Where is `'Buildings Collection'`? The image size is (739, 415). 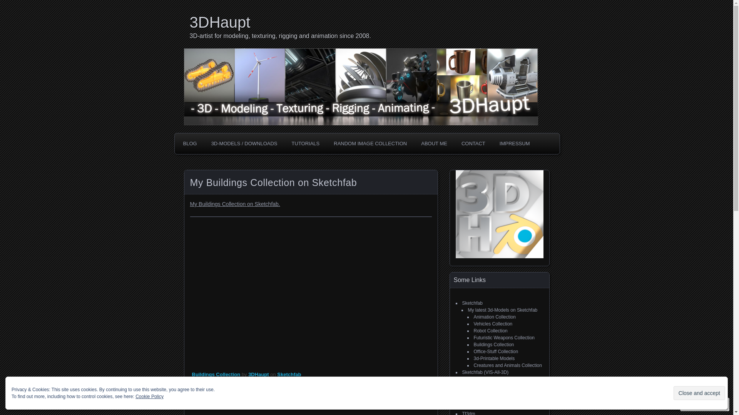 'Buildings Collection' is located at coordinates (216, 374).